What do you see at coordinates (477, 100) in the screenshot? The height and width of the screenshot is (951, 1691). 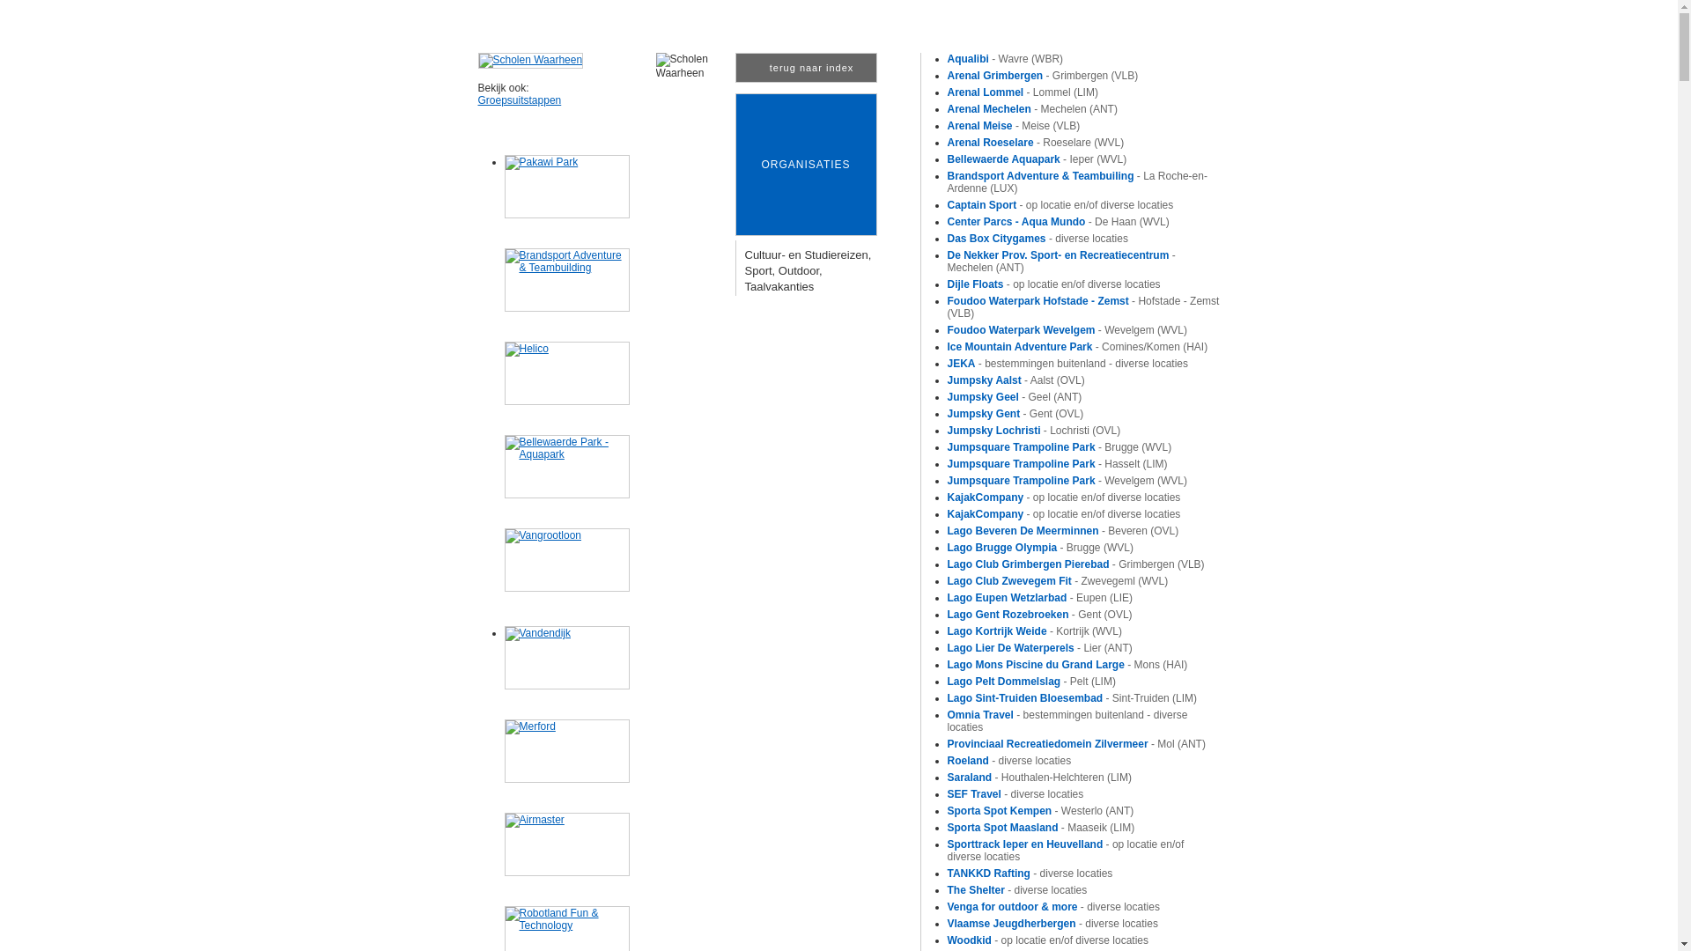 I see `'Groepsuitstappen'` at bounding box center [477, 100].